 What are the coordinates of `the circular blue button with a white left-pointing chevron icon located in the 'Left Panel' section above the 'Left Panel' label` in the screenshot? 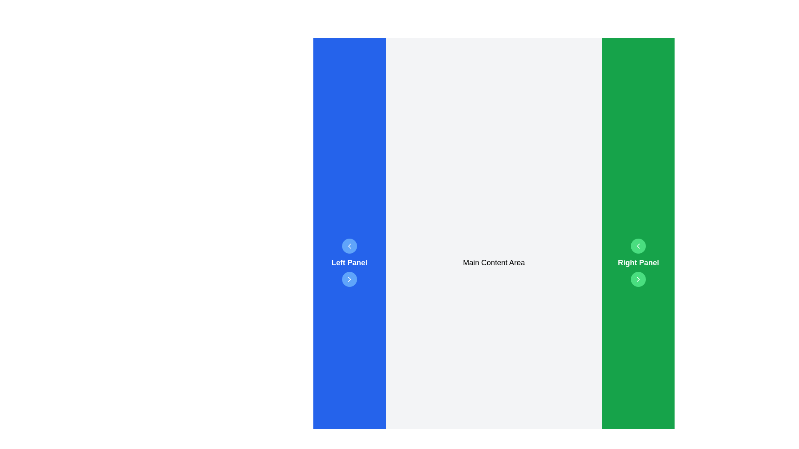 It's located at (349, 245).